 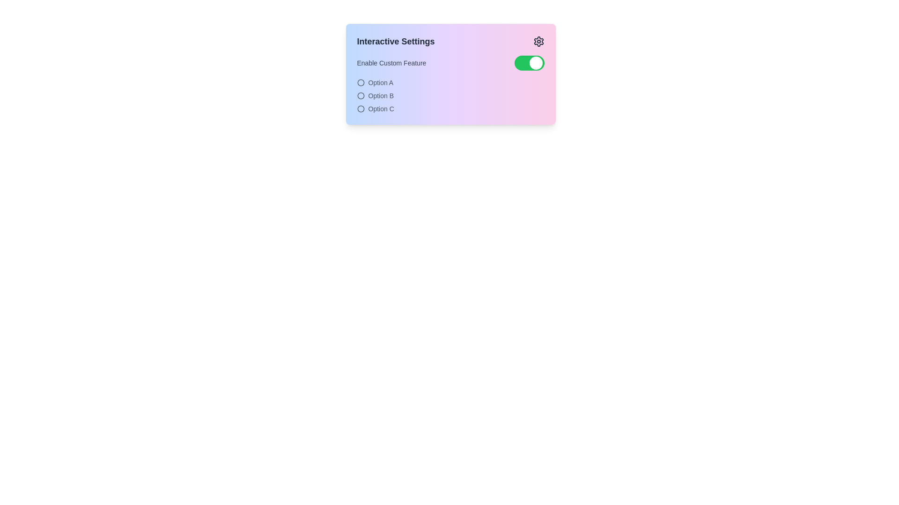 I want to click on the gear-shaped icon representing settings, located in the top-right corner of the settings card, so click(x=538, y=41).